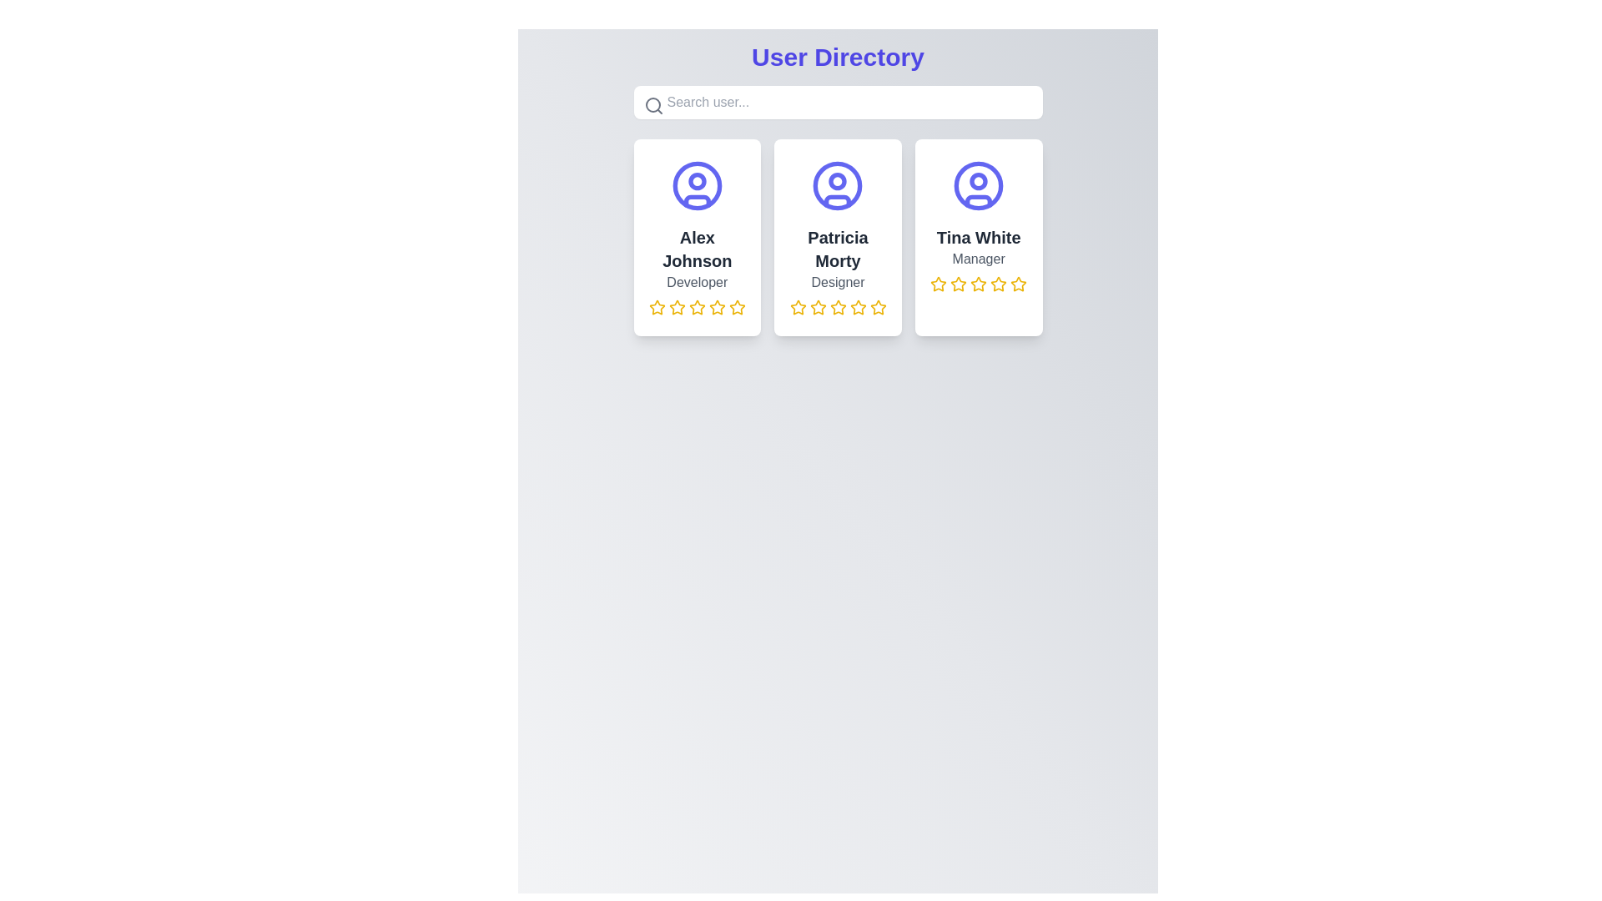 The height and width of the screenshot is (901, 1602). I want to click on the decorative graphic, which is the outermost circular shape of the avatar icon in the first card from the left in the top row of the user directory grid, so click(697, 186).